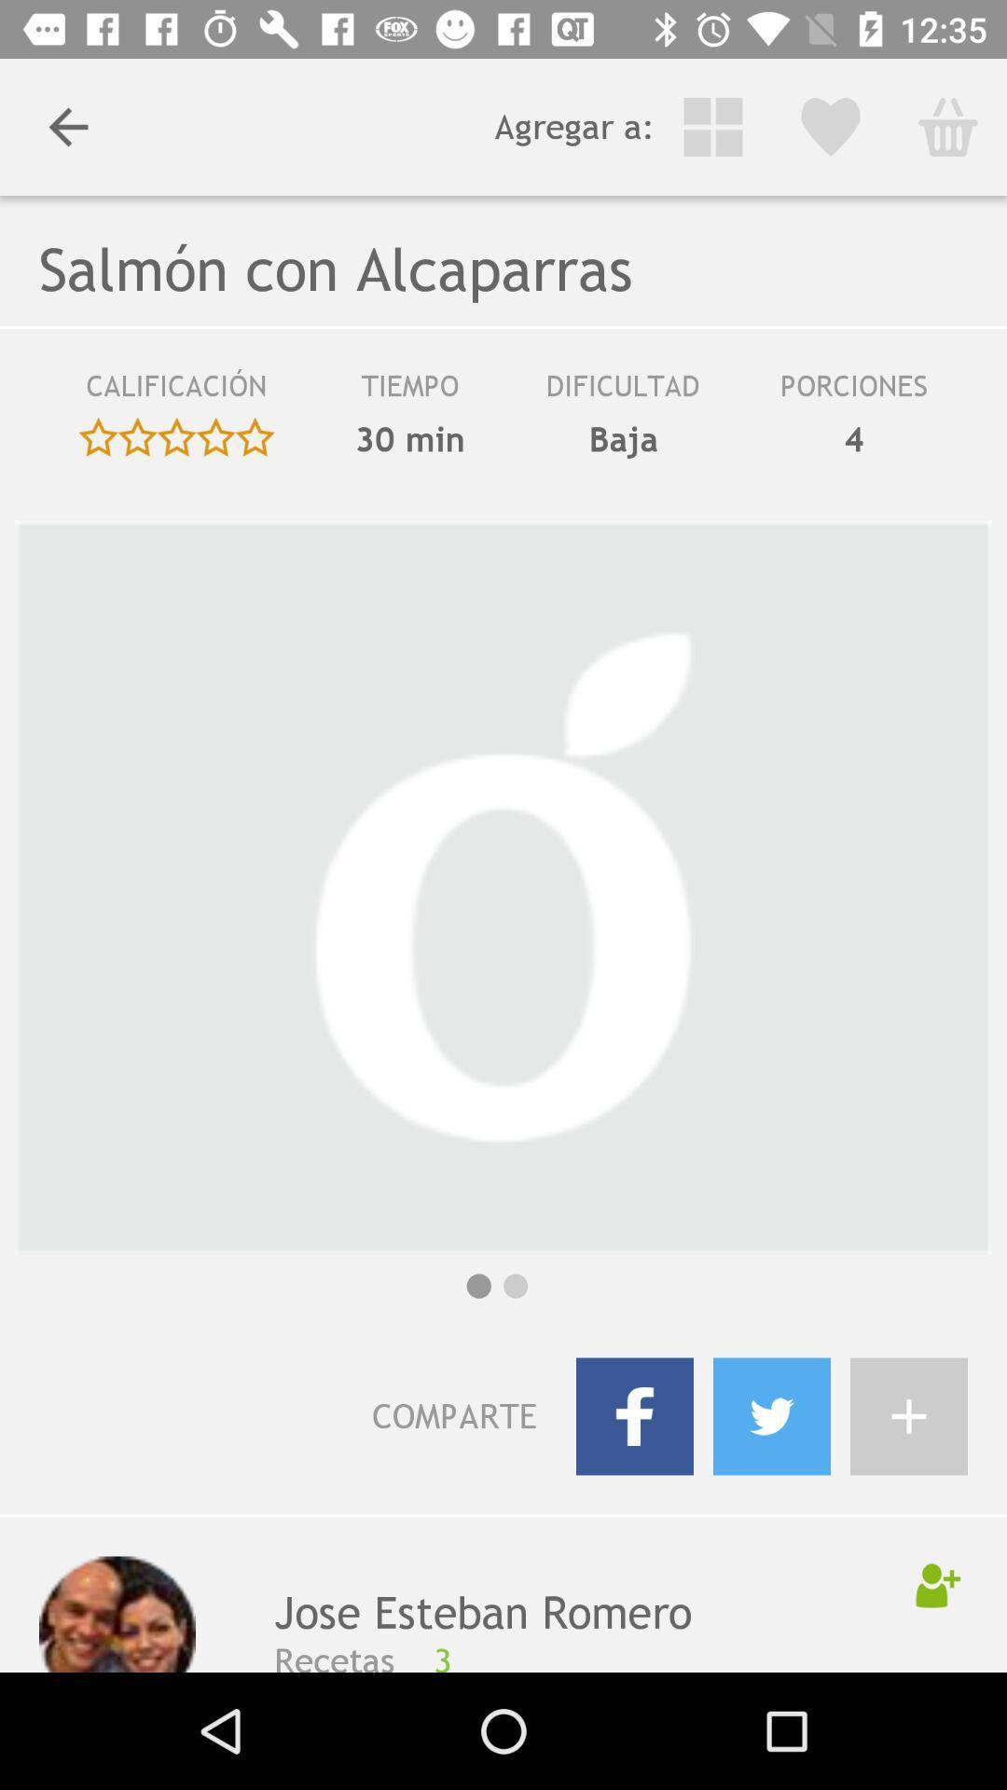 The width and height of the screenshot is (1007, 1790). I want to click on the item next to recetas item, so click(671, 1656).